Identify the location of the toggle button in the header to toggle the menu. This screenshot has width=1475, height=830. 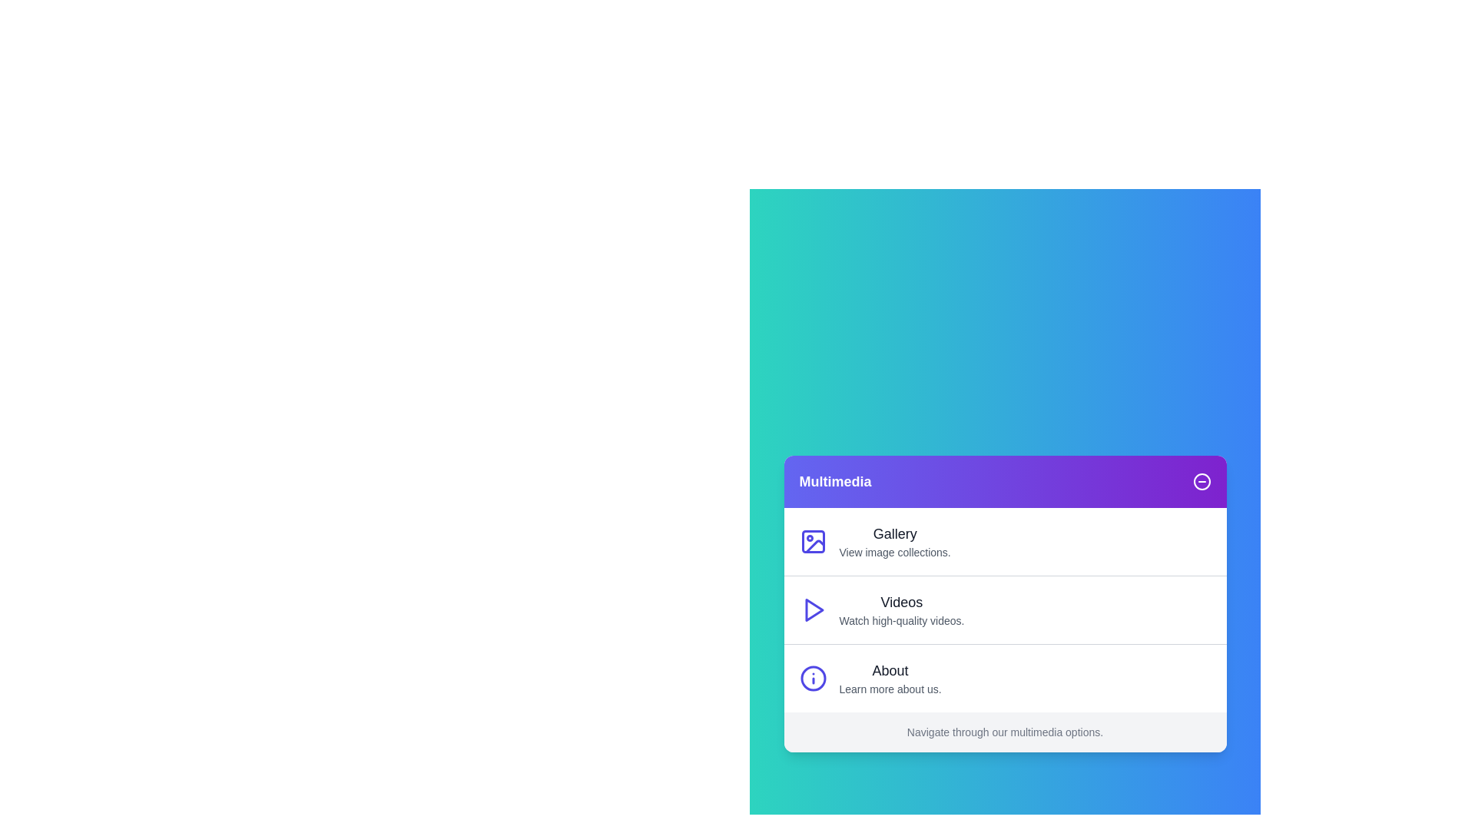
(1201, 481).